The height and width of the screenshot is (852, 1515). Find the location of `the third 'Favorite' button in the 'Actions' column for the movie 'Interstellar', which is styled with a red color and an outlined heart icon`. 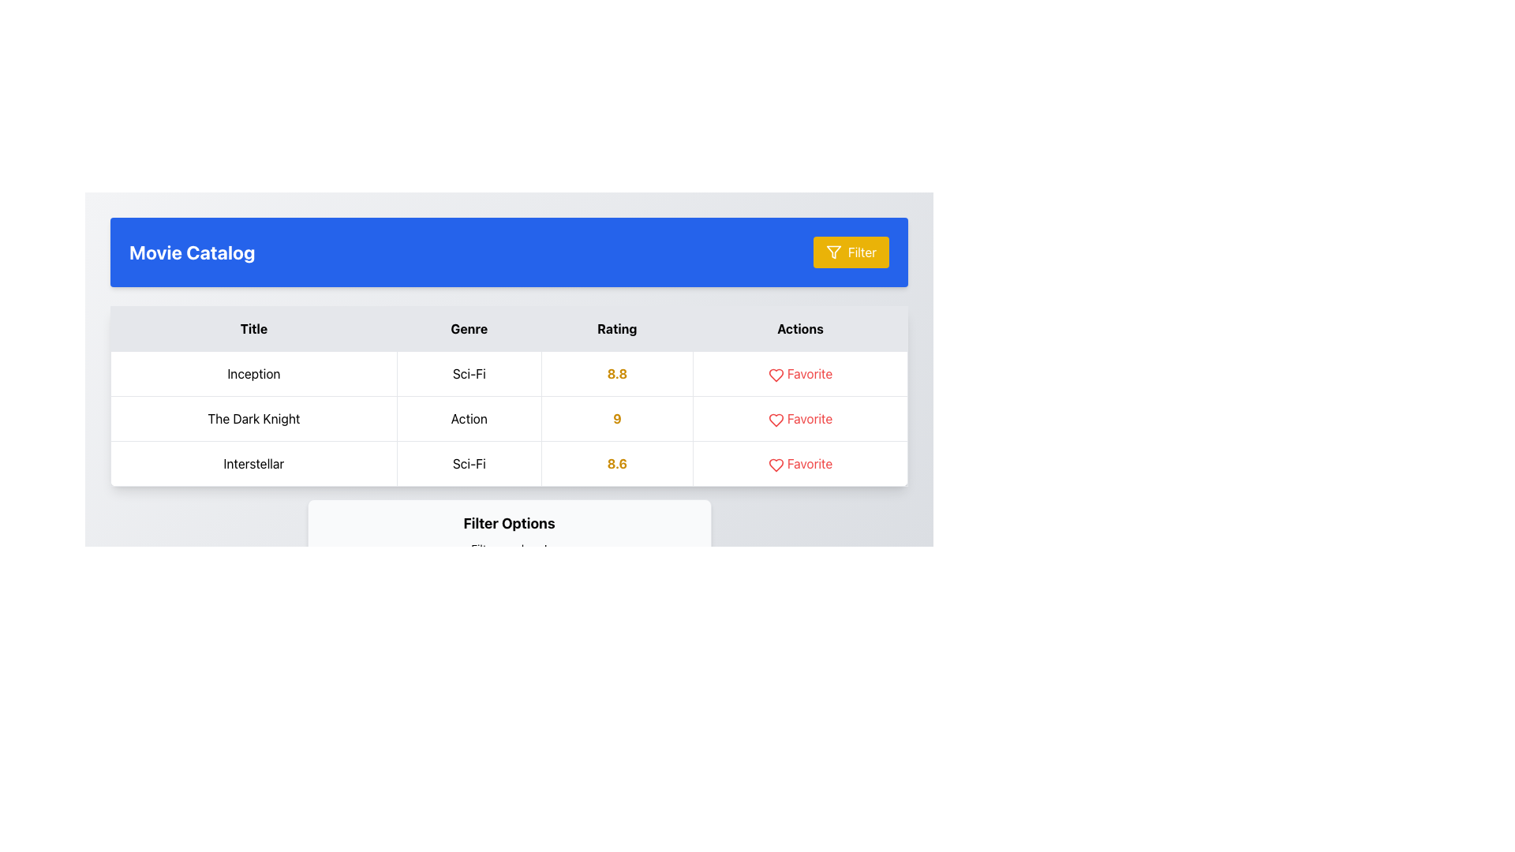

the third 'Favorite' button in the 'Actions' column for the movie 'Interstellar', which is styled with a red color and an outlined heart icon is located at coordinates (800, 462).